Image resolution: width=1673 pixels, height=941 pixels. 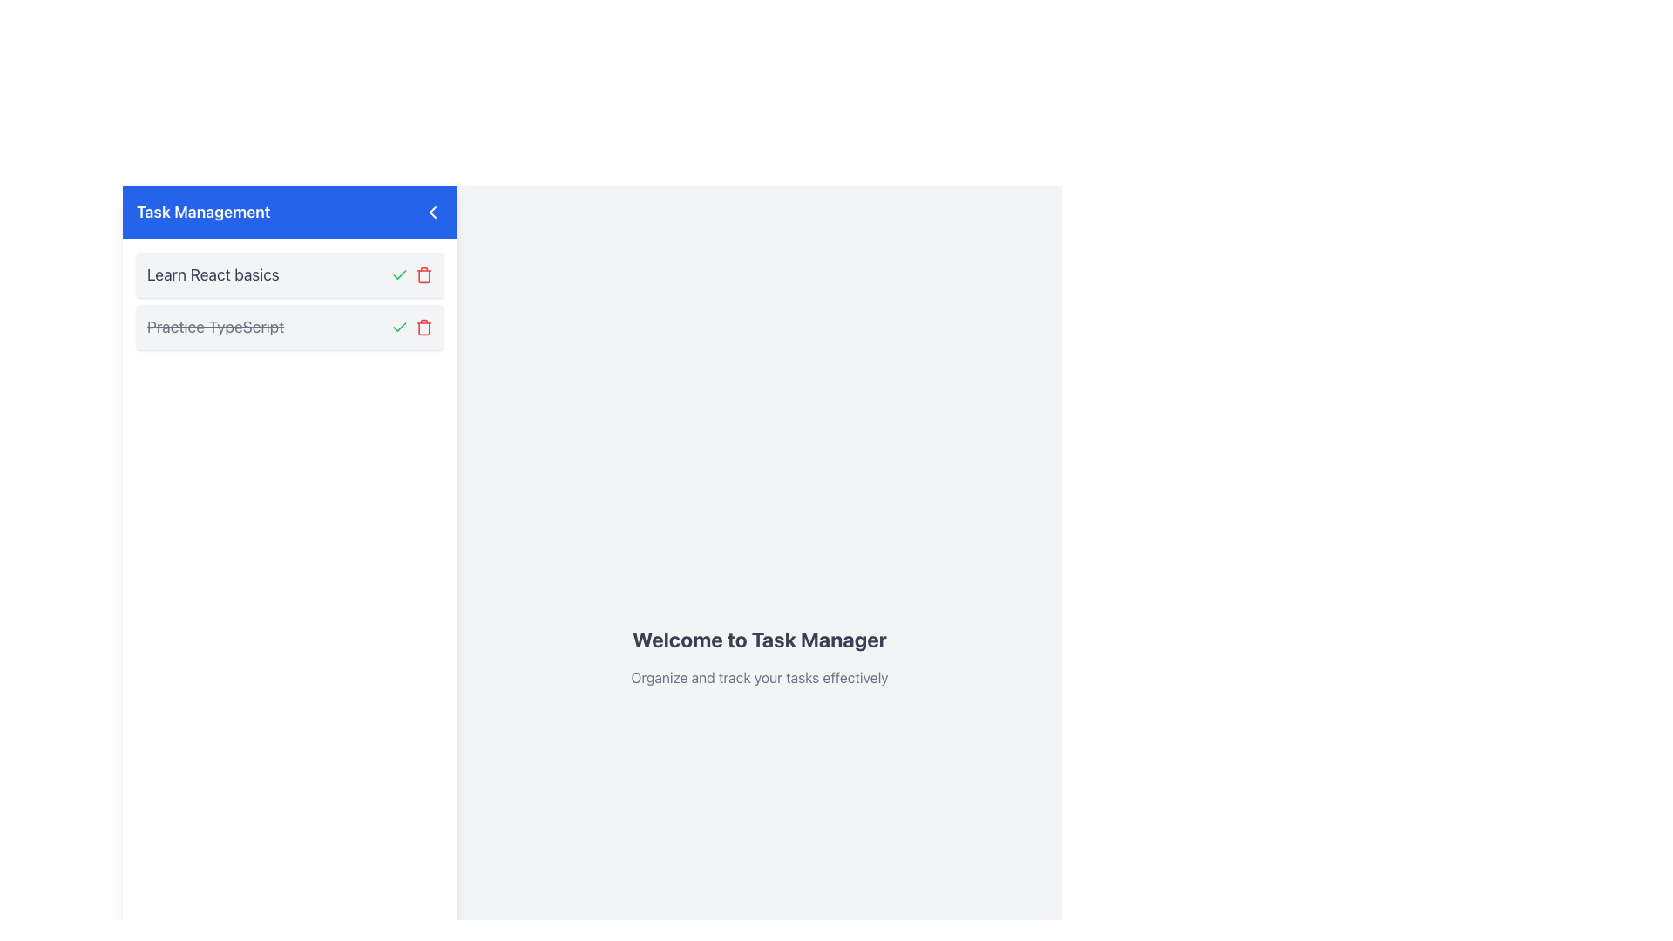 I want to click on the completion icon indicating that the task 'Learn React basics' has been completed, located to the right of the task label in the top list item of the task pane, so click(x=399, y=326).